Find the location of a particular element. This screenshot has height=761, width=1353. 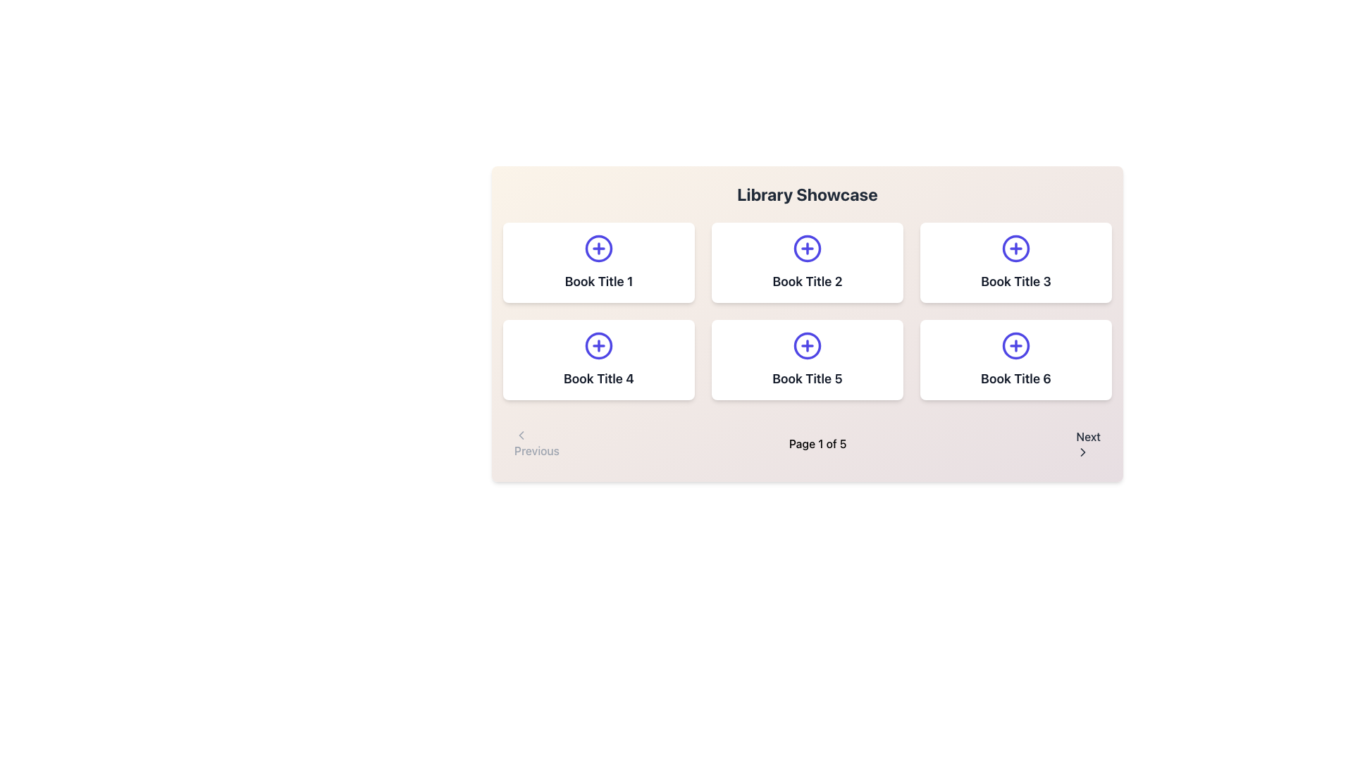

the text label displaying 'Book Title 2', which is centrally located in the second card of the top row in a grid layout is located at coordinates (808, 282).